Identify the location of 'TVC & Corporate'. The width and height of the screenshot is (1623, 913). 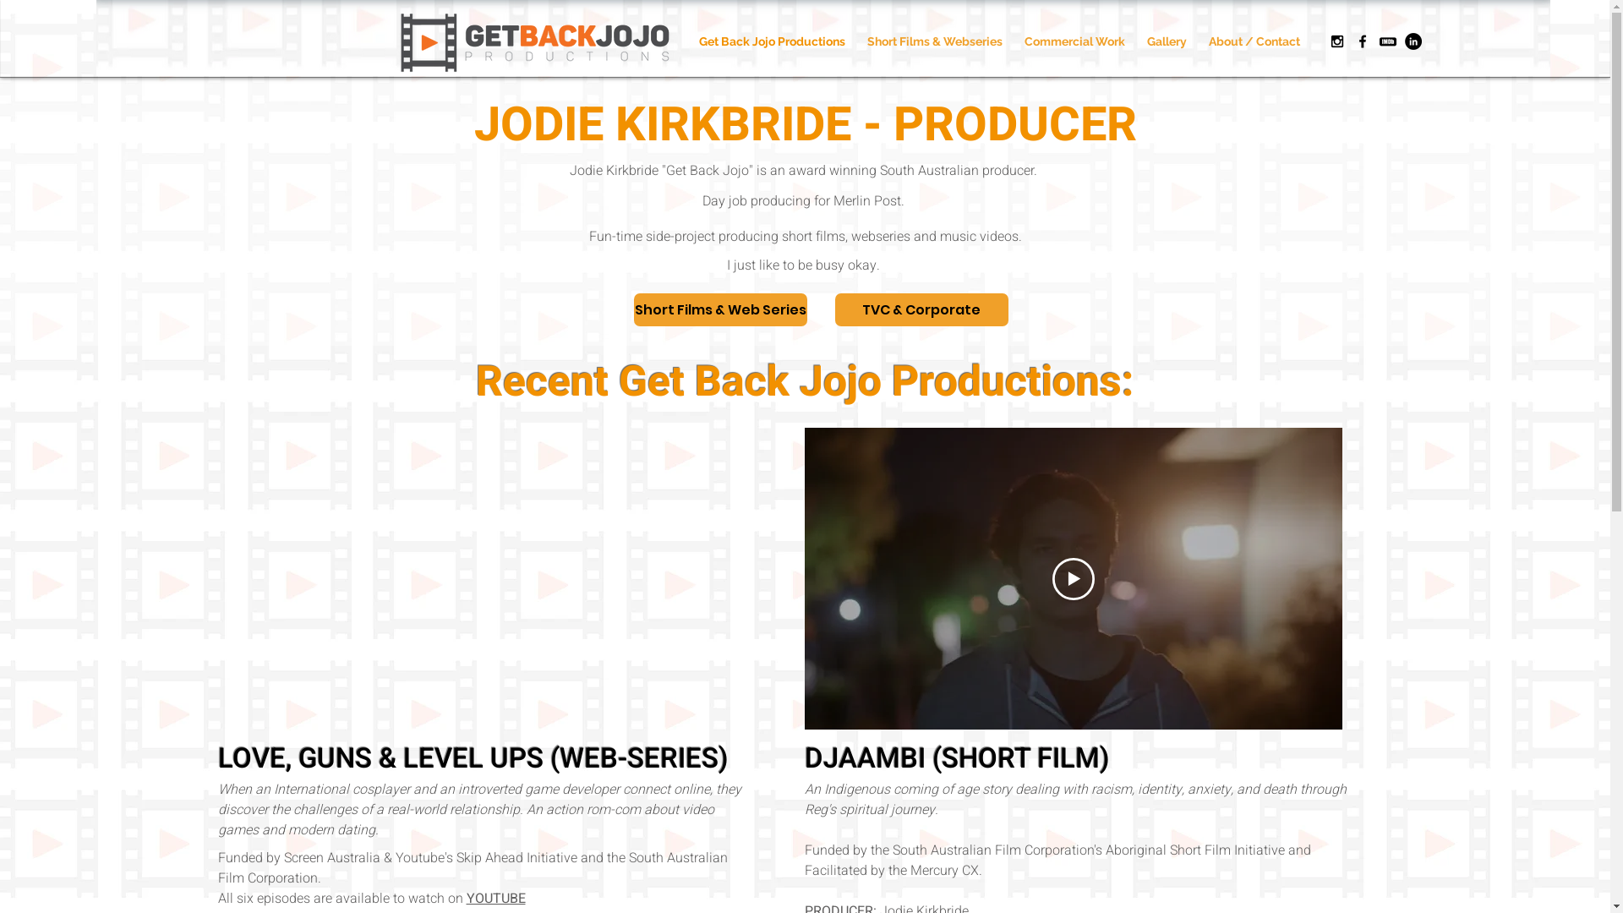
(921, 309).